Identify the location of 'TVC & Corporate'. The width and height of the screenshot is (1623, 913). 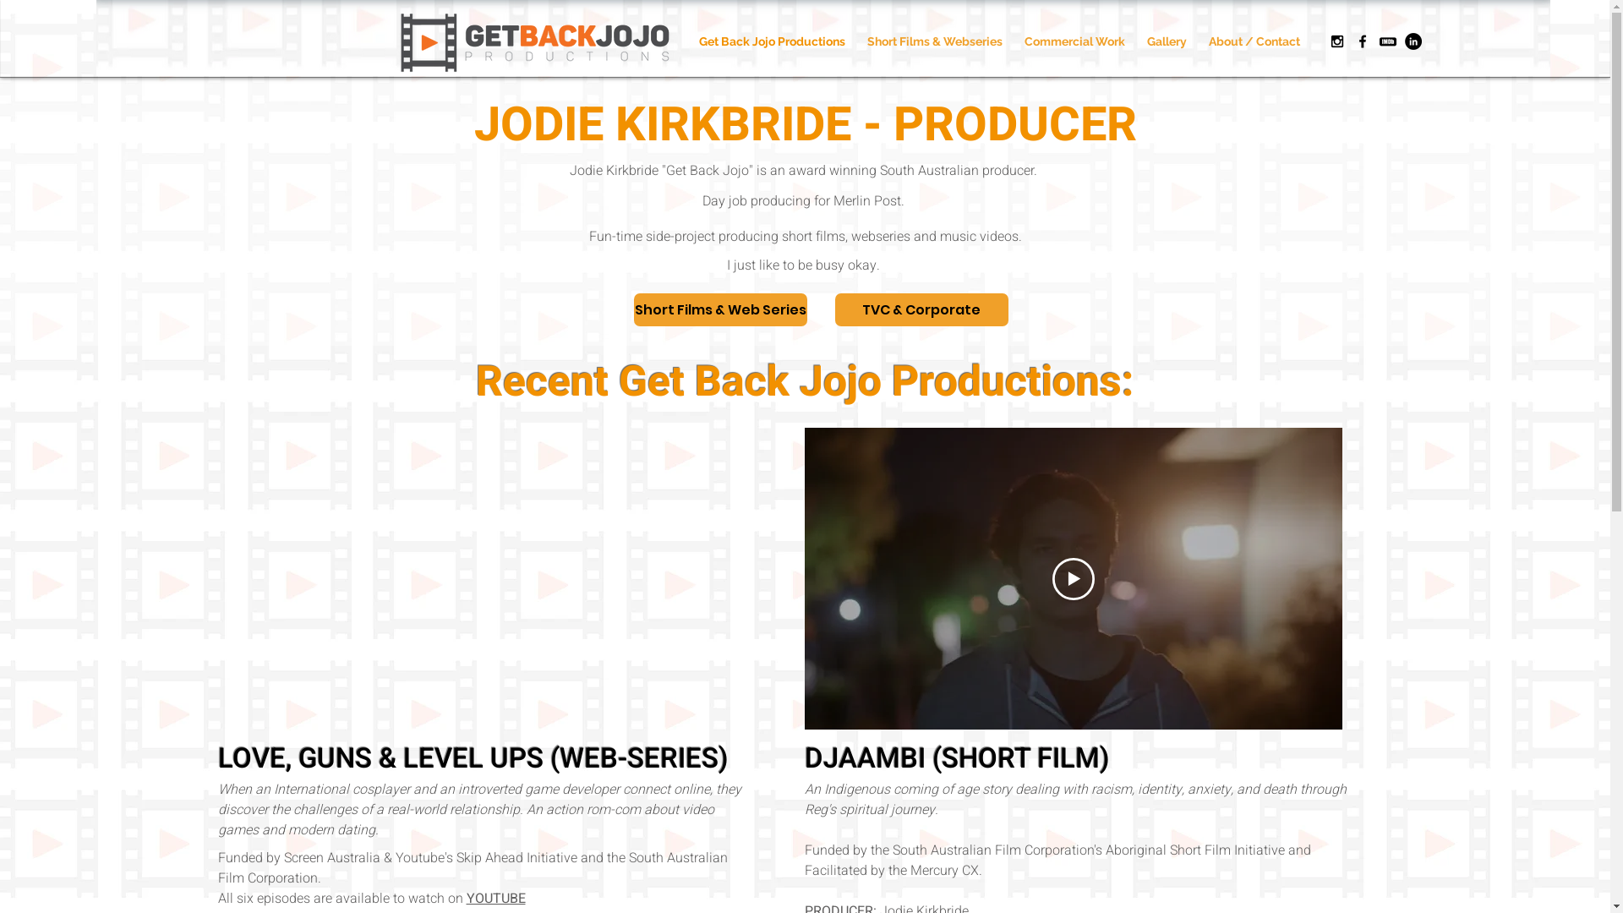
(921, 309).